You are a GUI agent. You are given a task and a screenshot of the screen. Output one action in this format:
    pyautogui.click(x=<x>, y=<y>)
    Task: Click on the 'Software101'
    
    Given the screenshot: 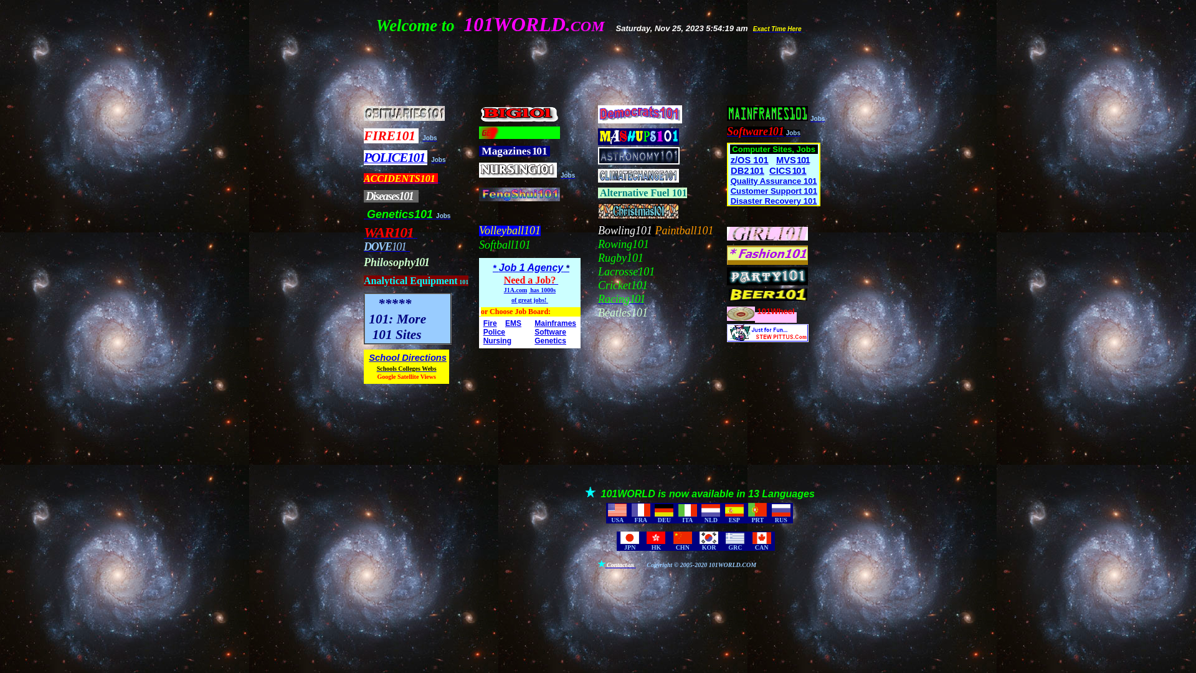 What is the action you would take?
    pyautogui.click(x=726, y=131)
    